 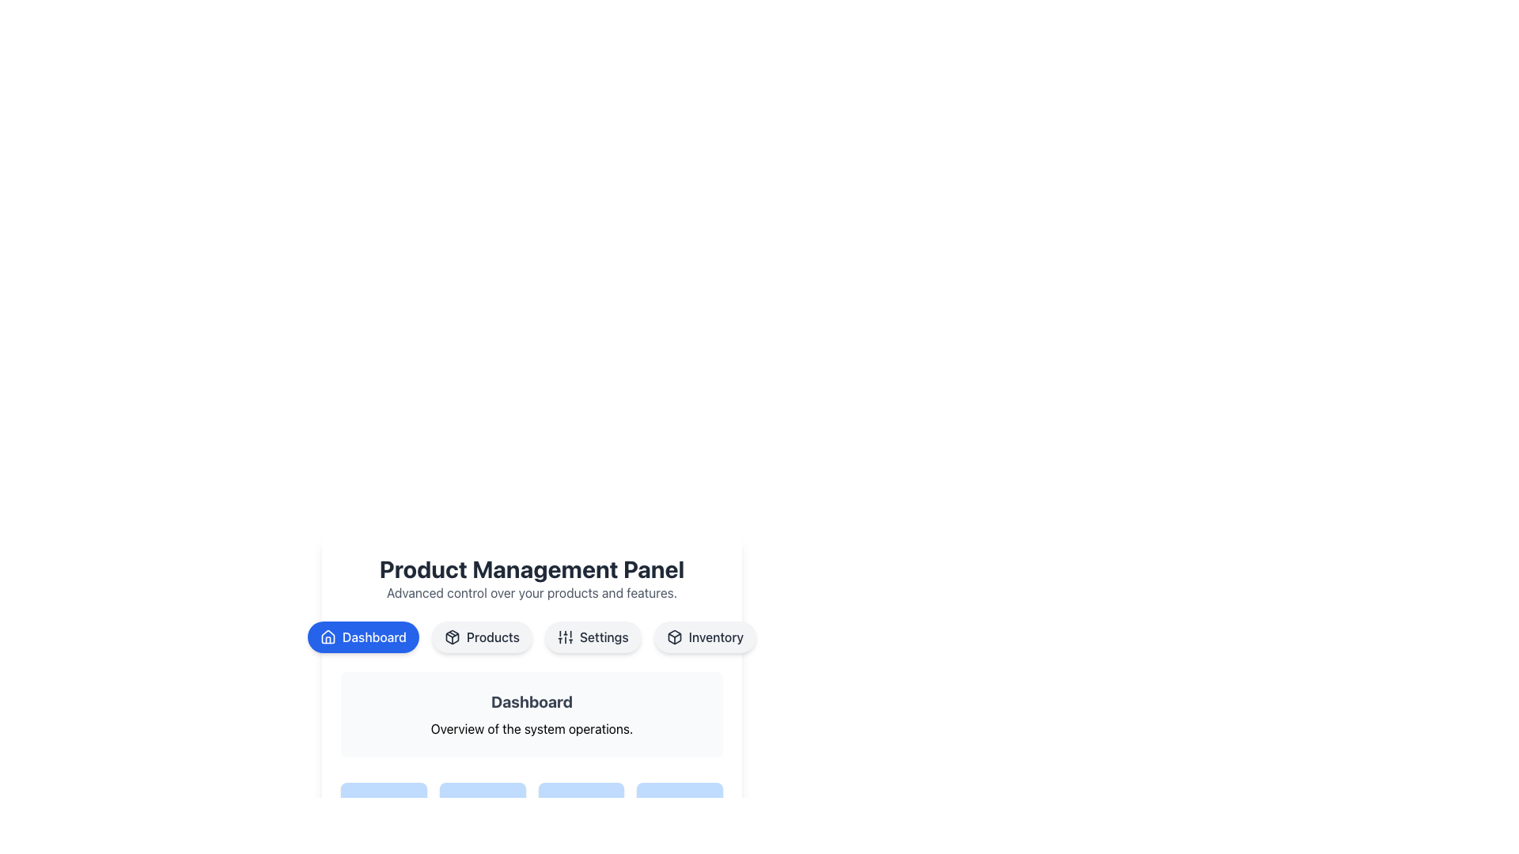 What do you see at coordinates (327, 636) in the screenshot?
I see `the 'Home' or 'Dashboard' vector graphic icon located in the top navigation section, which is centered within a circular icon area and positioned to the left of the text 'Dashboard'` at bounding box center [327, 636].